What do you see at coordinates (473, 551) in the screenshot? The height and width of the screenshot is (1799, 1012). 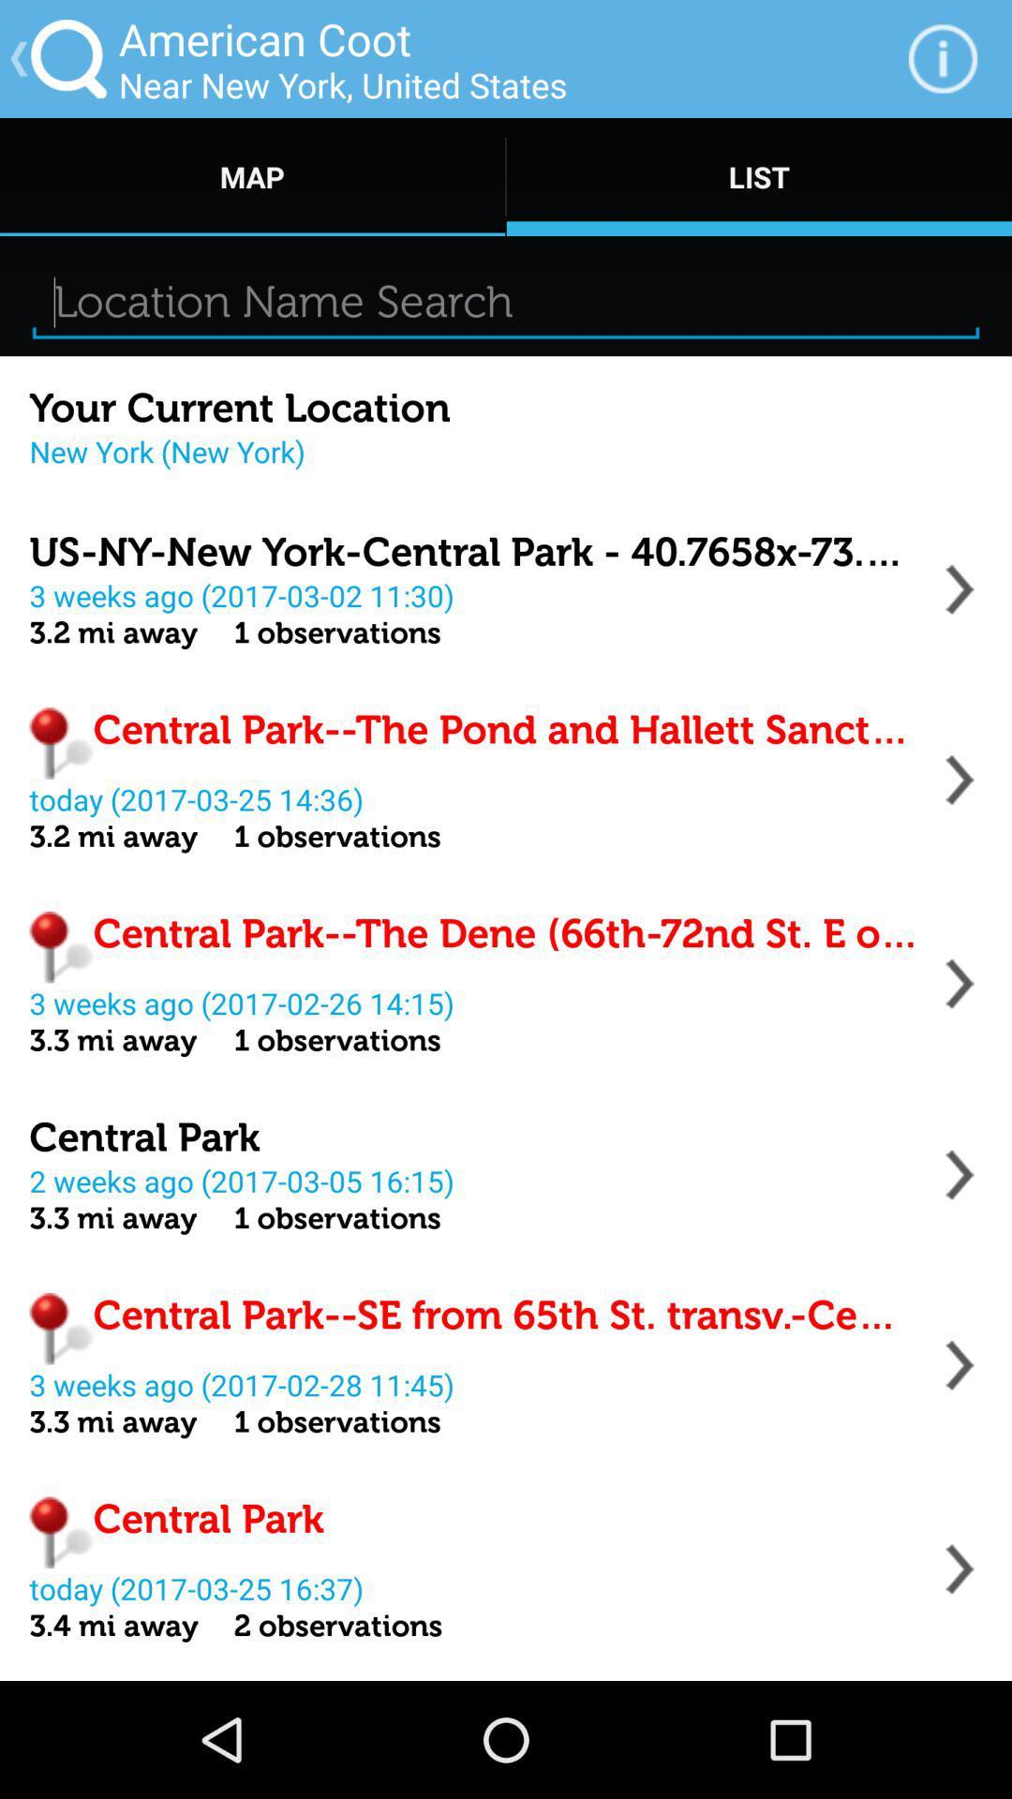 I see `the icon above the 3 weeks ago icon` at bounding box center [473, 551].